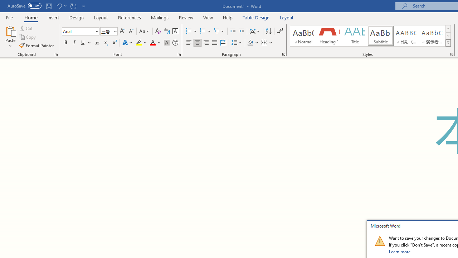 This screenshot has width=458, height=258. I want to click on 'Phonetic Guide...', so click(166, 31).